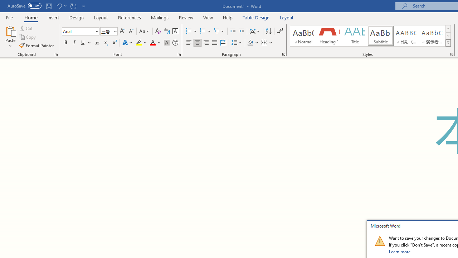 This screenshot has width=458, height=258. I want to click on 'Phonetic Guide...', so click(166, 31).